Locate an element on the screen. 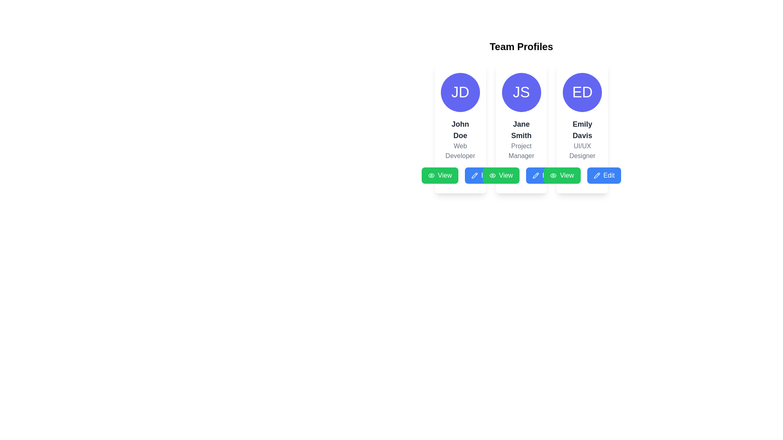  the text displaying the name 'Jane Smith', which is styled in bold, large dark gray font and is centrally aligned within the card below the profile icon marked with 'JS' is located at coordinates (521, 130).